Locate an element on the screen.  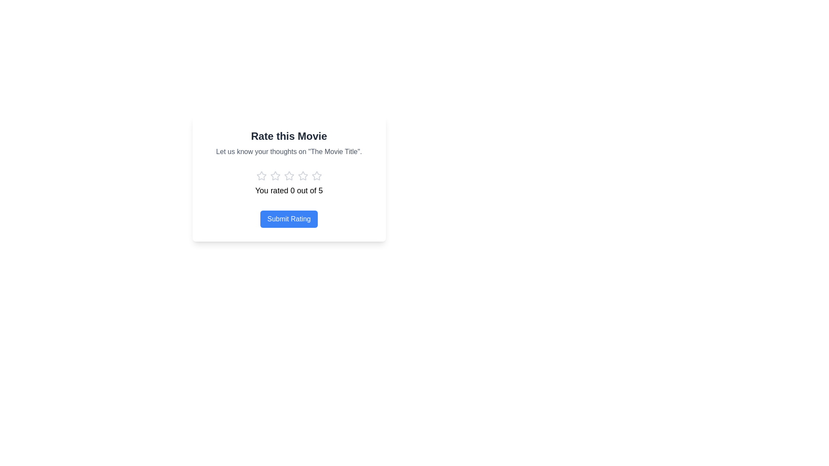
the first unrated gray star icon in the five-star rating component is located at coordinates (261, 176).